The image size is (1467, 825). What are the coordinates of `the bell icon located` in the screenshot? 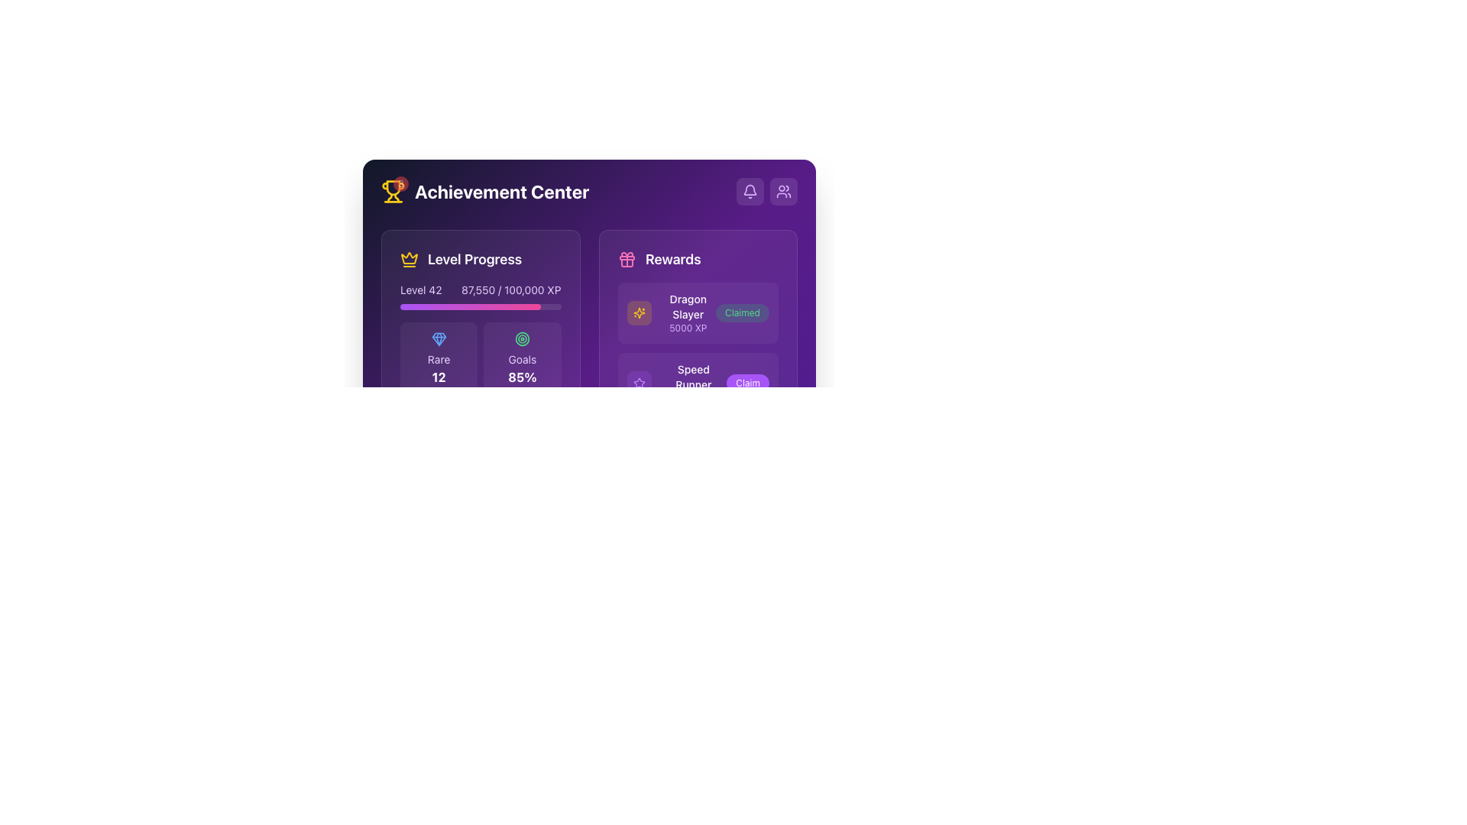 It's located at (750, 189).